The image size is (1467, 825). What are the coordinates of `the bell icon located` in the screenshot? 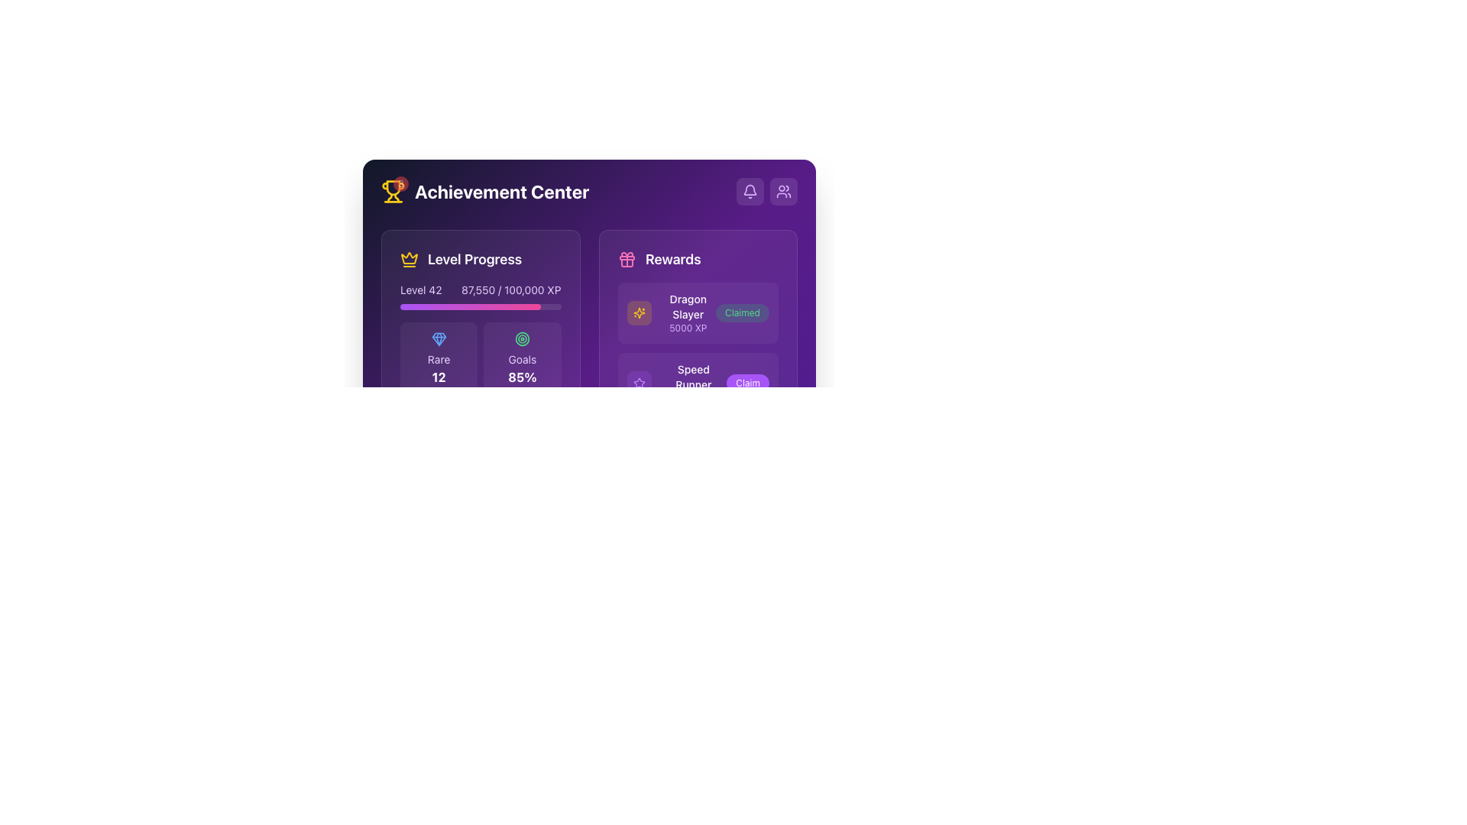 It's located at (750, 189).